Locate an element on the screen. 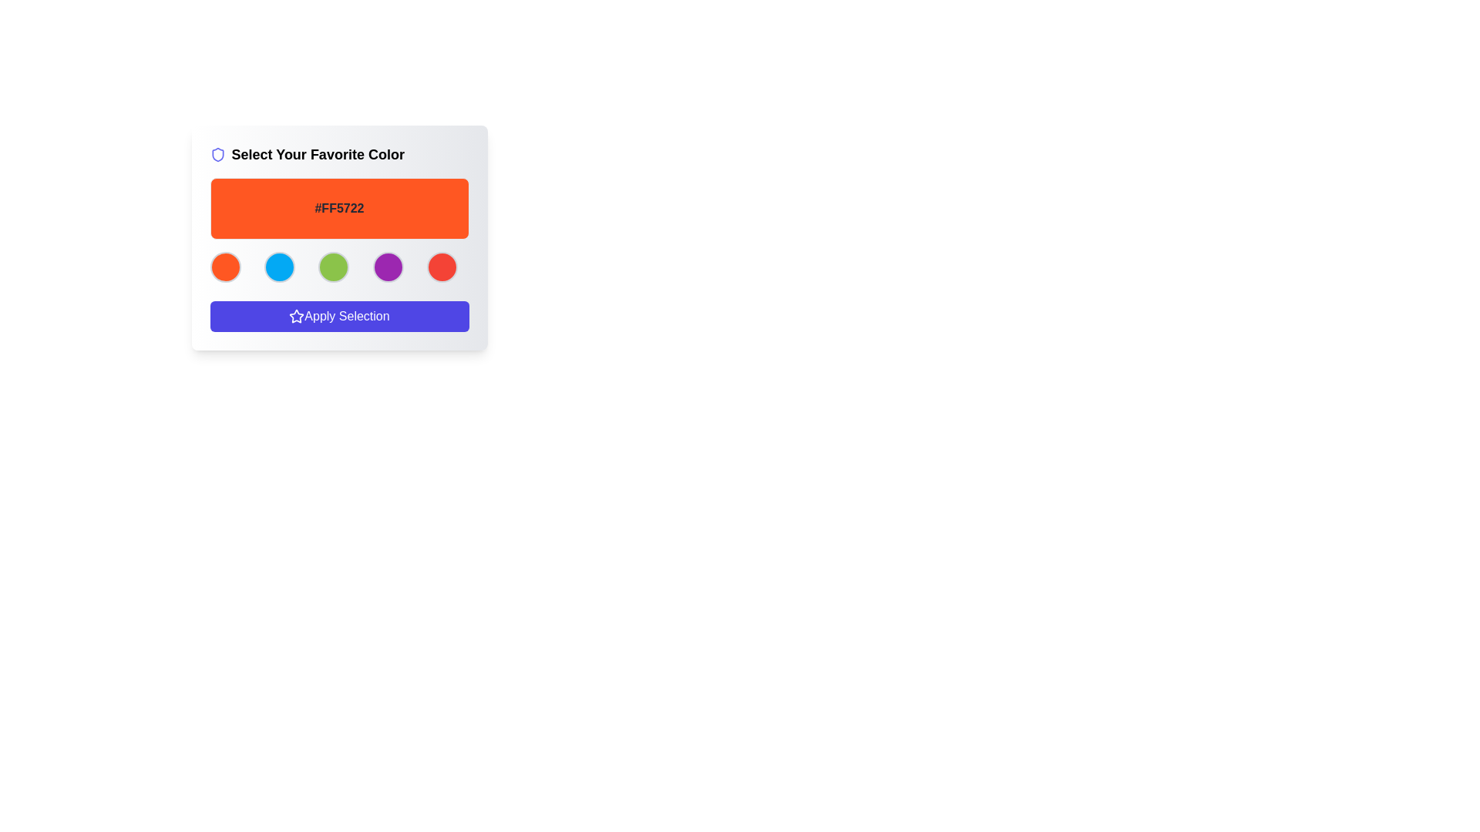  the SVG Icon shaped like a shield with a blue stroke, located at the top-left corner of the card, next to the text 'Select Your Favorite Color.' is located at coordinates (217, 154).